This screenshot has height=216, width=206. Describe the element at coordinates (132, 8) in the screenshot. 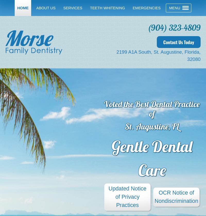

I see `'Emergencies'` at that location.